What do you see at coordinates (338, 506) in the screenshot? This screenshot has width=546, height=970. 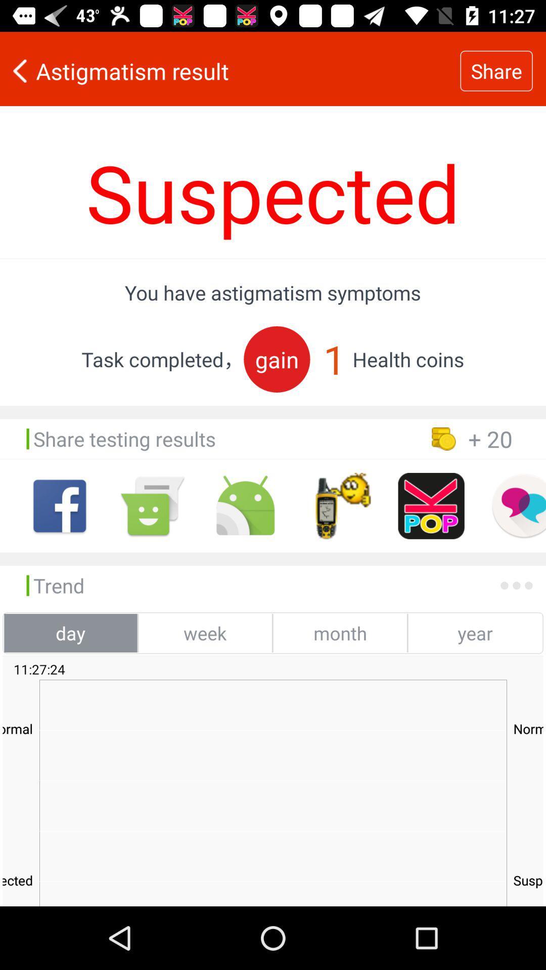 I see `share using some app` at bounding box center [338, 506].